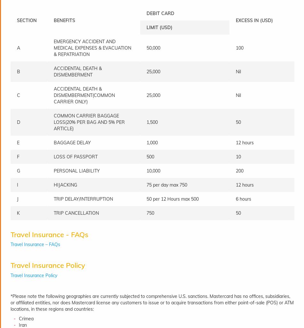  Describe the element at coordinates (77, 71) in the screenshot. I see `'ACCIDENTAL DEATH & DISMEMBERMENT'` at that location.